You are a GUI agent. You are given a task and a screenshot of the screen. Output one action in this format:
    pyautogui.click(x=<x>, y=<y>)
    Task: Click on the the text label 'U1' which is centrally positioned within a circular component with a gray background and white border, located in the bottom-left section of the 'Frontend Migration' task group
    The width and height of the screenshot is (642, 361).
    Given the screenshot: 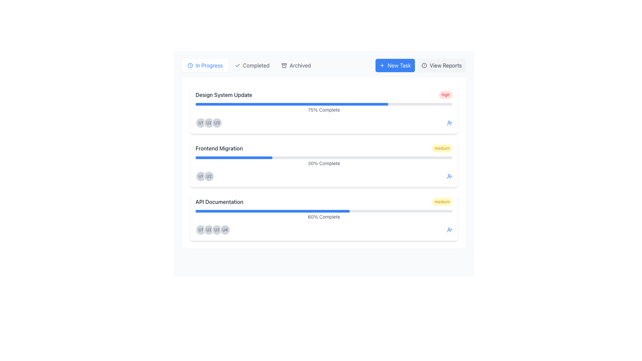 What is the action you would take?
    pyautogui.click(x=200, y=229)
    